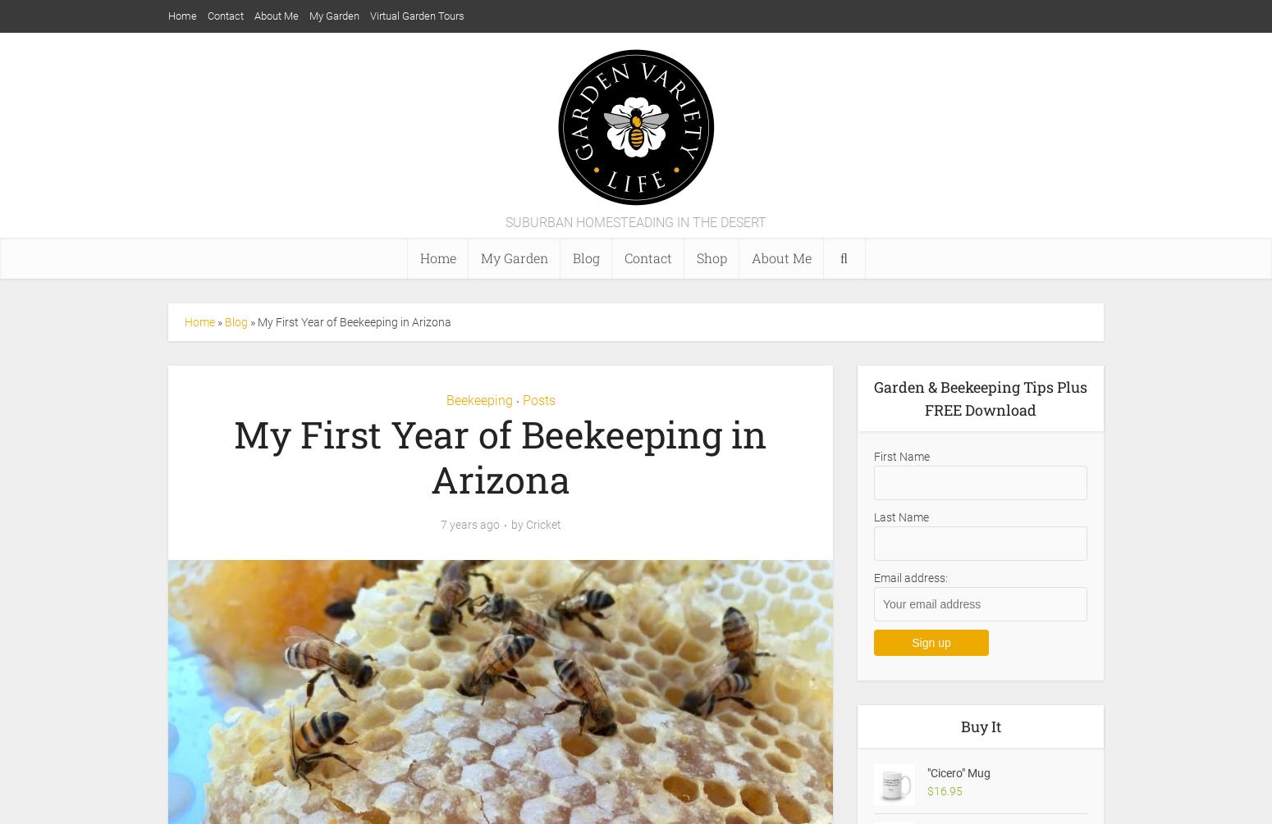 This screenshot has height=824, width=1272. I want to click on 'Buy It', so click(959, 726).